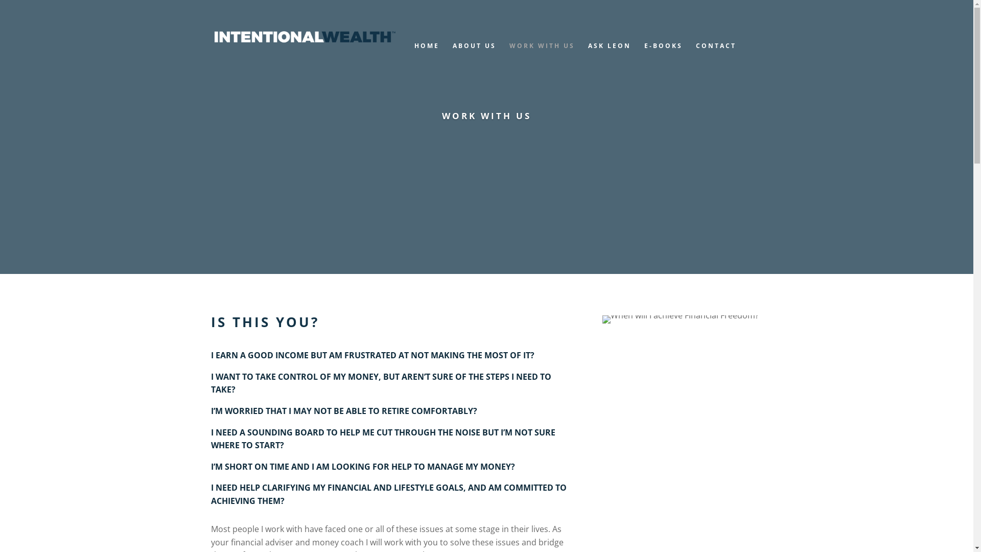 This screenshot has height=552, width=981. Describe the element at coordinates (715, 56) in the screenshot. I see `'CONTACT'` at that location.